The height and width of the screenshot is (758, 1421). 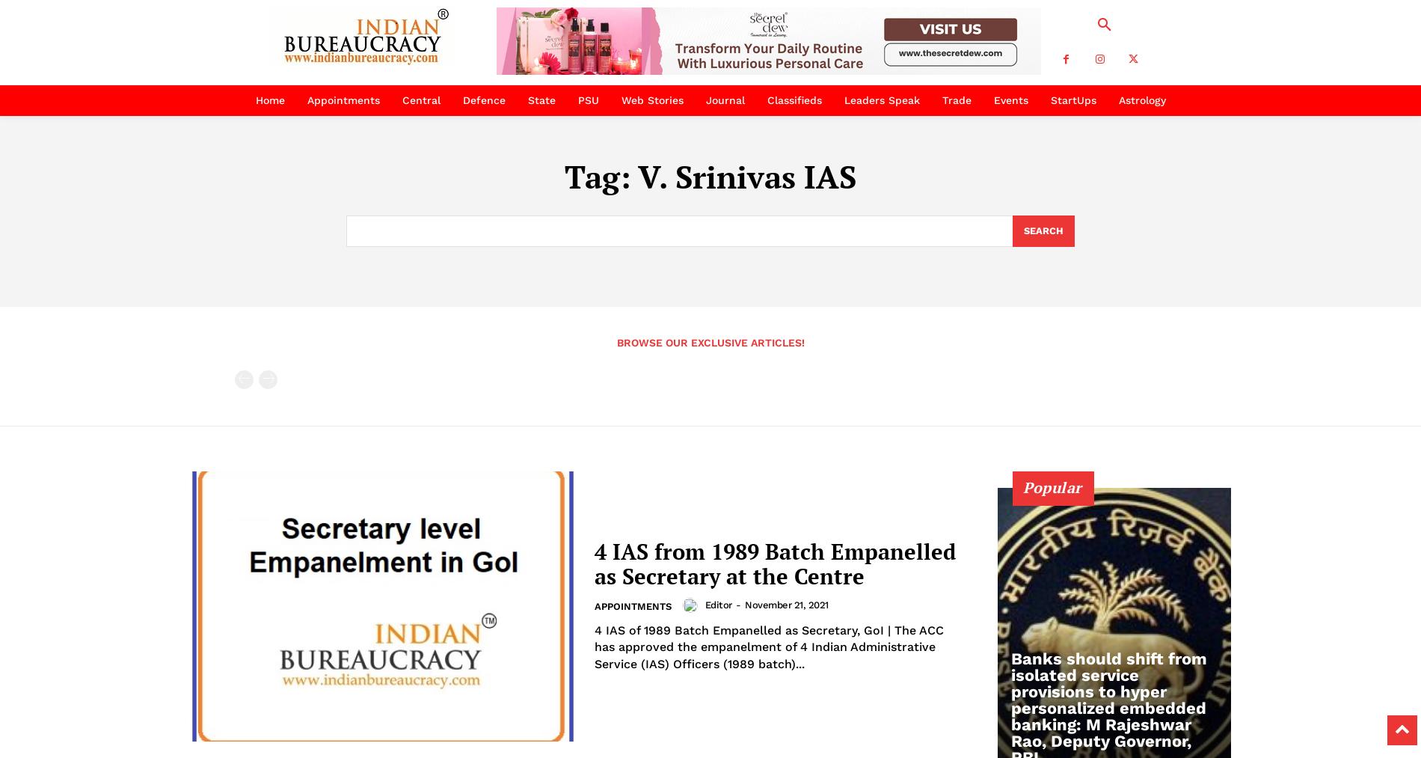 What do you see at coordinates (420, 100) in the screenshot?
I see `'Central'` at bounding box center [420, 100].